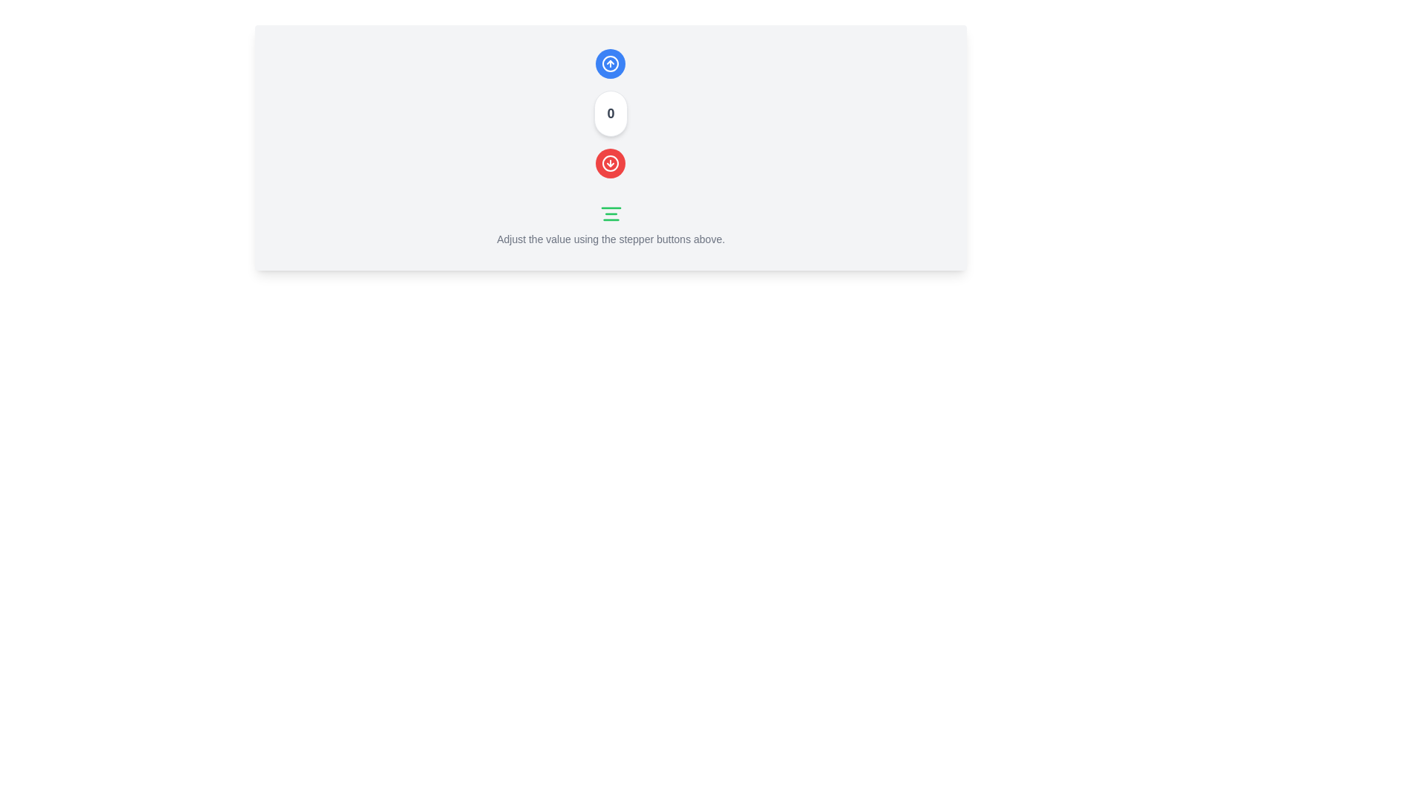  I want to click on the increment button located at the top of a vertical stack, which is the first button above a white circular element labeled '0' and a red circular button with a downward arrow, to increment a displayed value, so click(611, 62).